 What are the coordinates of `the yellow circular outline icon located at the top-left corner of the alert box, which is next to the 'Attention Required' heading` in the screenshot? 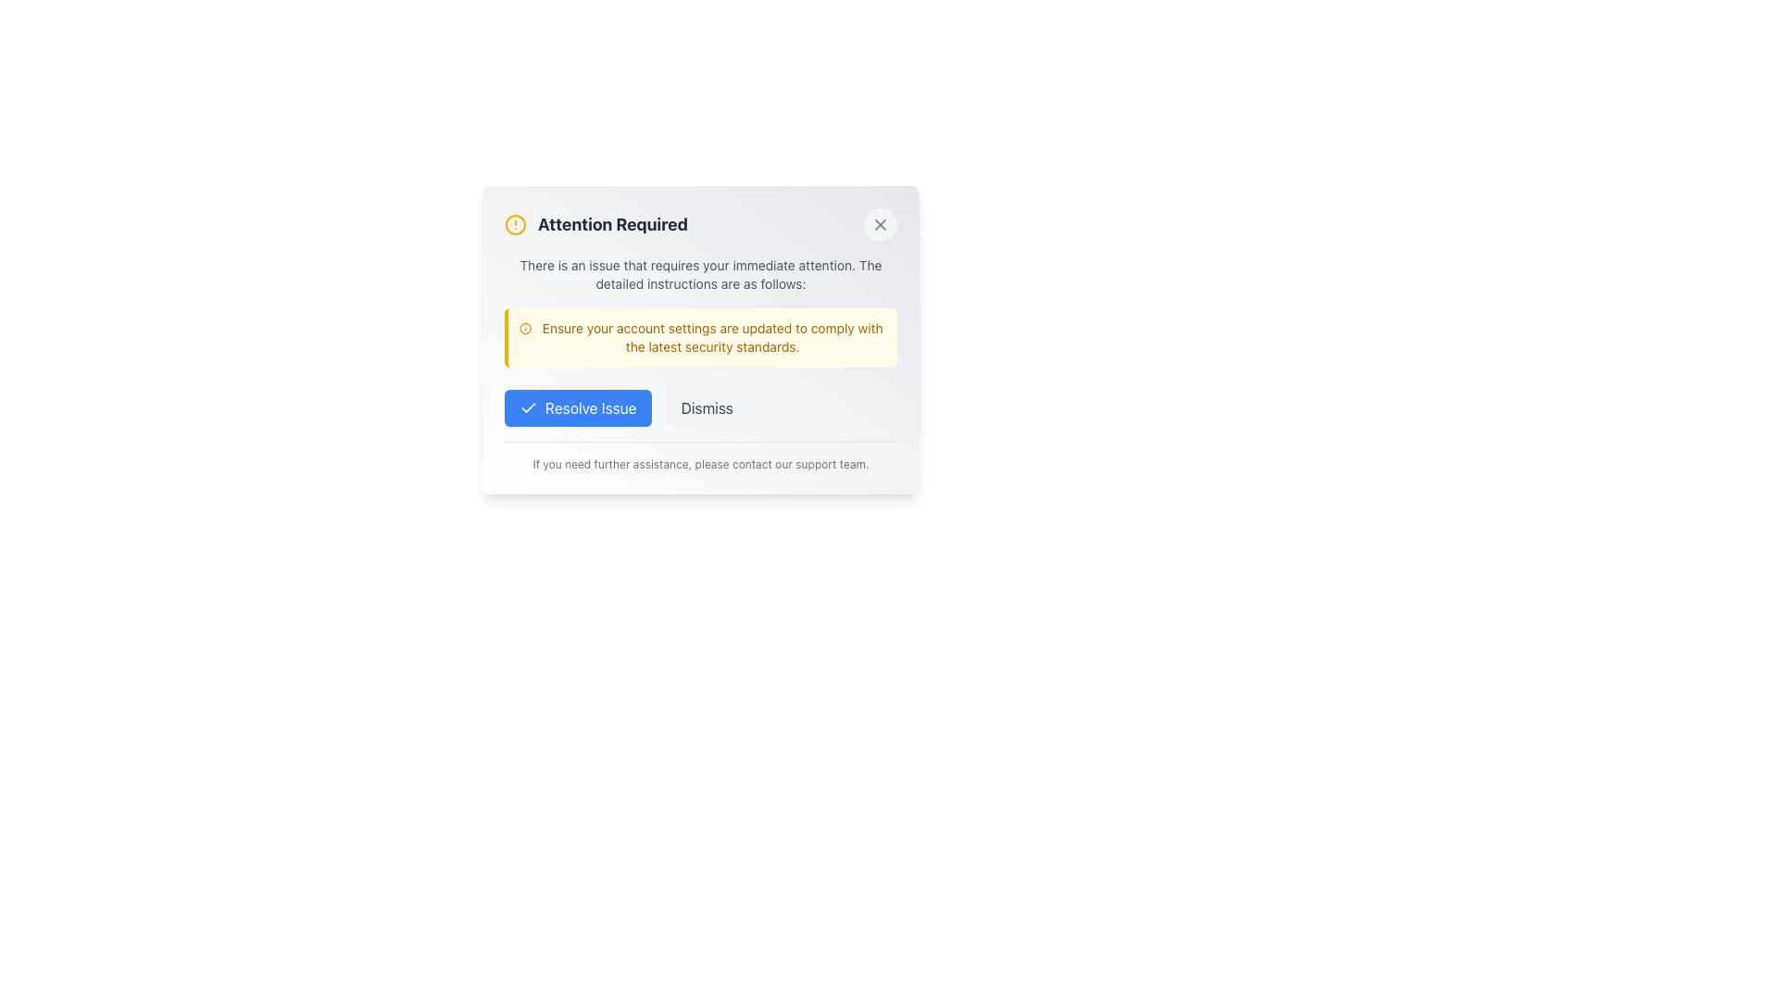 It's located at (524, 327).